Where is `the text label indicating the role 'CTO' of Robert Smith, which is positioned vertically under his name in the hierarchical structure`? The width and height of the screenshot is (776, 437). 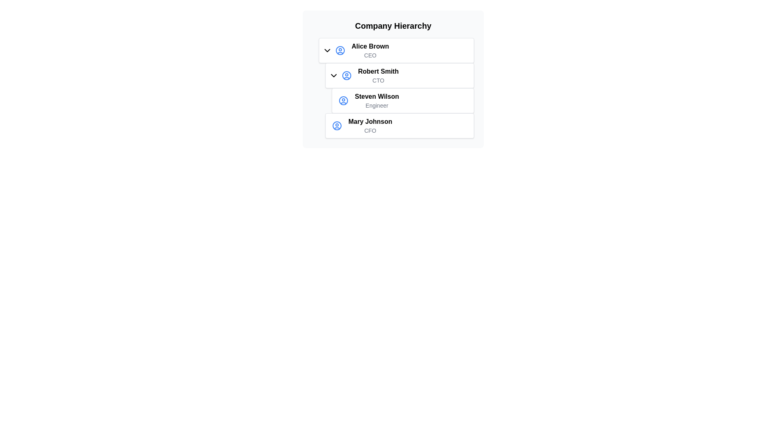 the text label indicating the role 'CTO' of Robert Smith, which is positioned vertically under his name in the hierarchical structure is located at coordinates (378, 81).